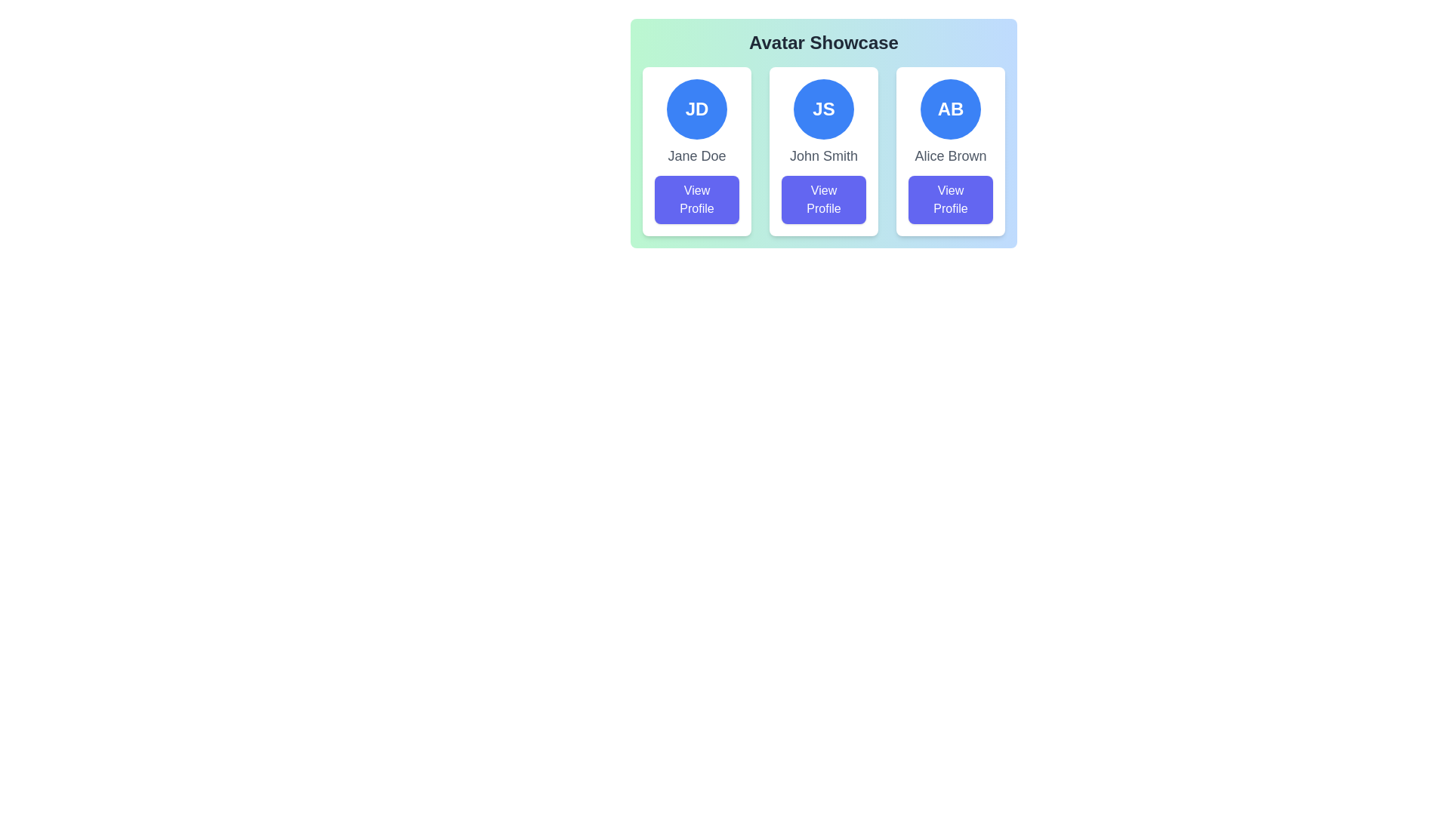  Describe the element at coordinates (822, 109) in the screenshot. I see `the circular avatar icon featuring a bright blue background and initials 'JS', located at the top of the card component` at that location.